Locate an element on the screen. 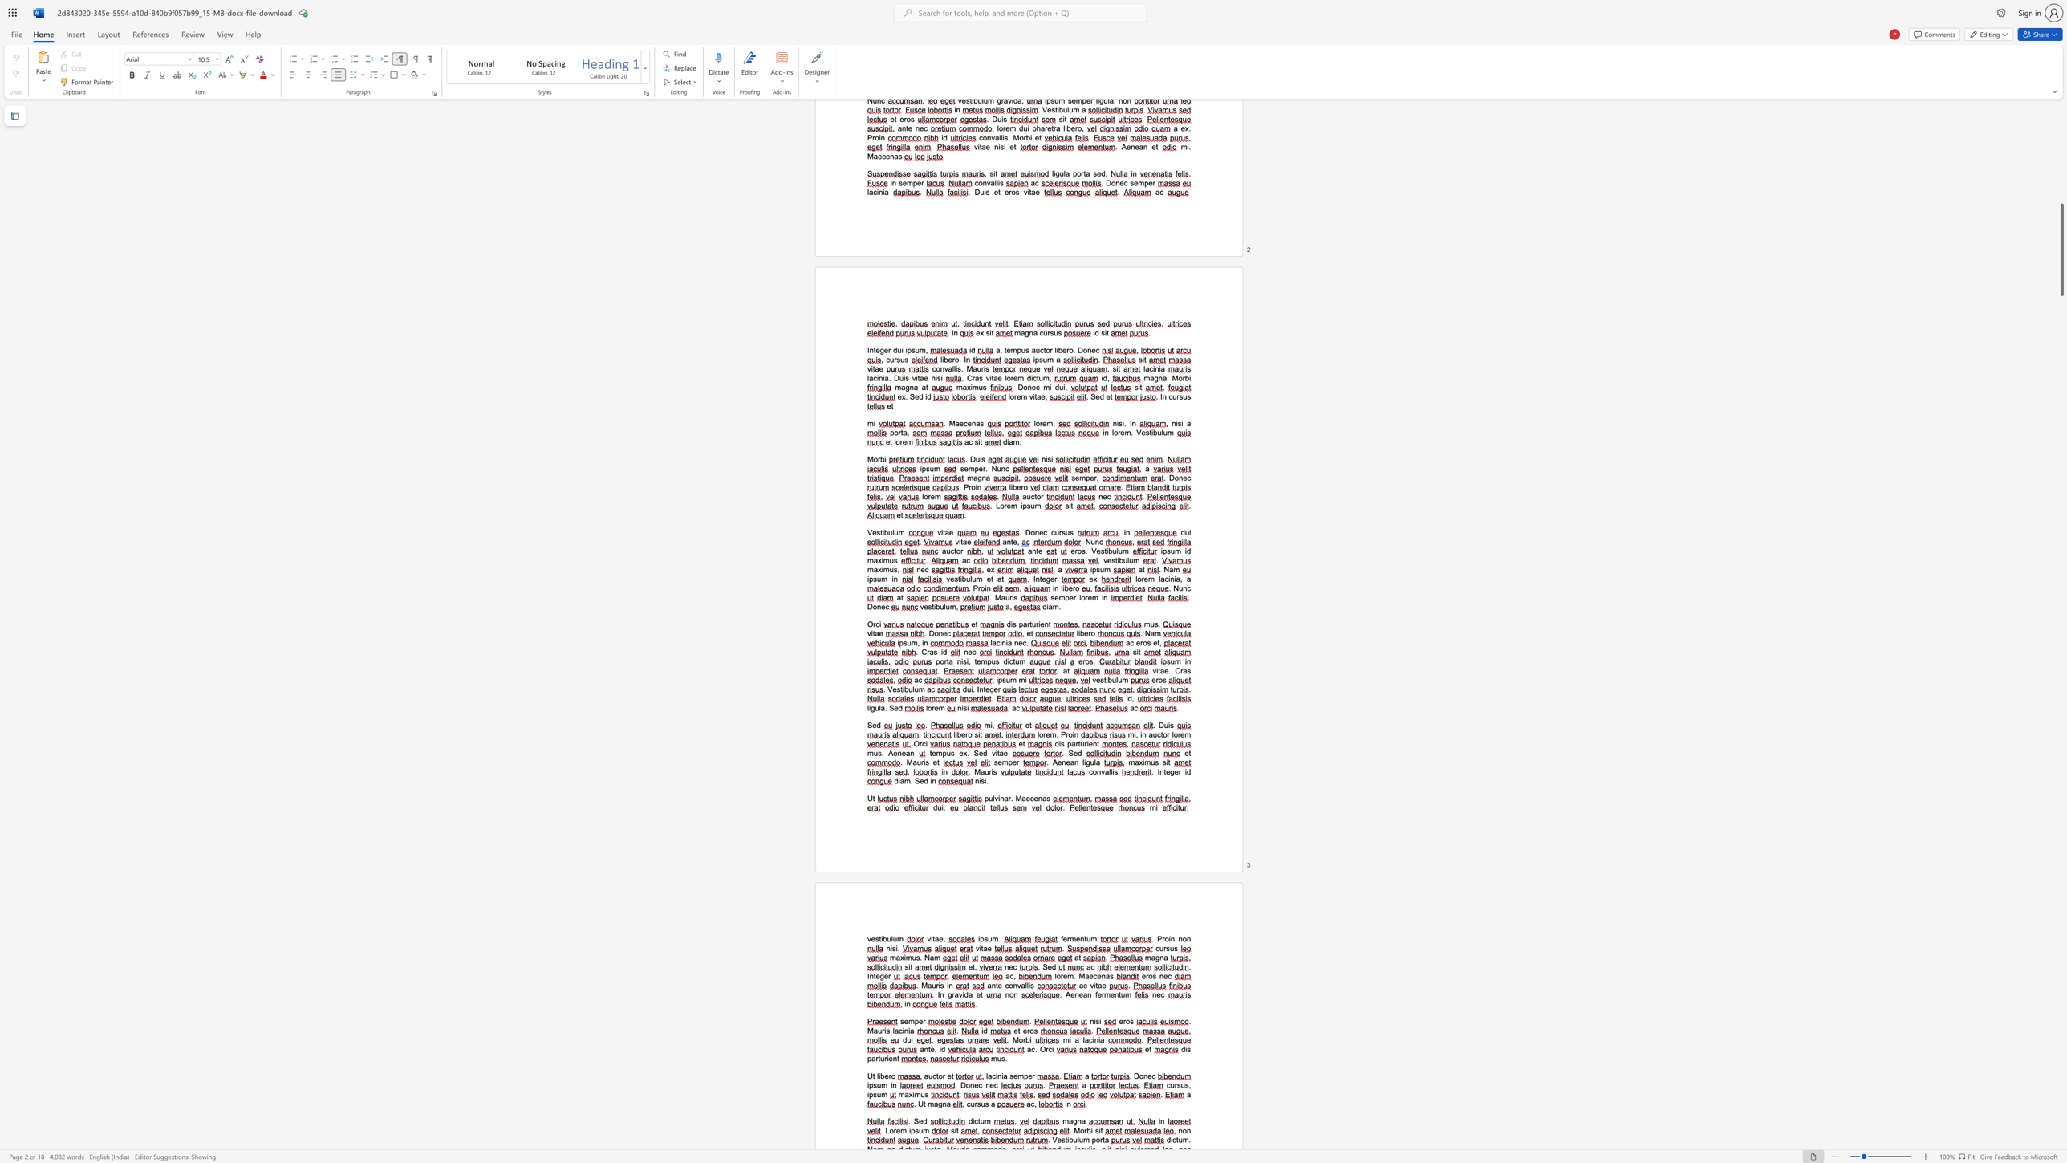 The width and height of the screenshot is (2067, 1163). the 1th character "i" in the text is located at coordinates (870, 707).